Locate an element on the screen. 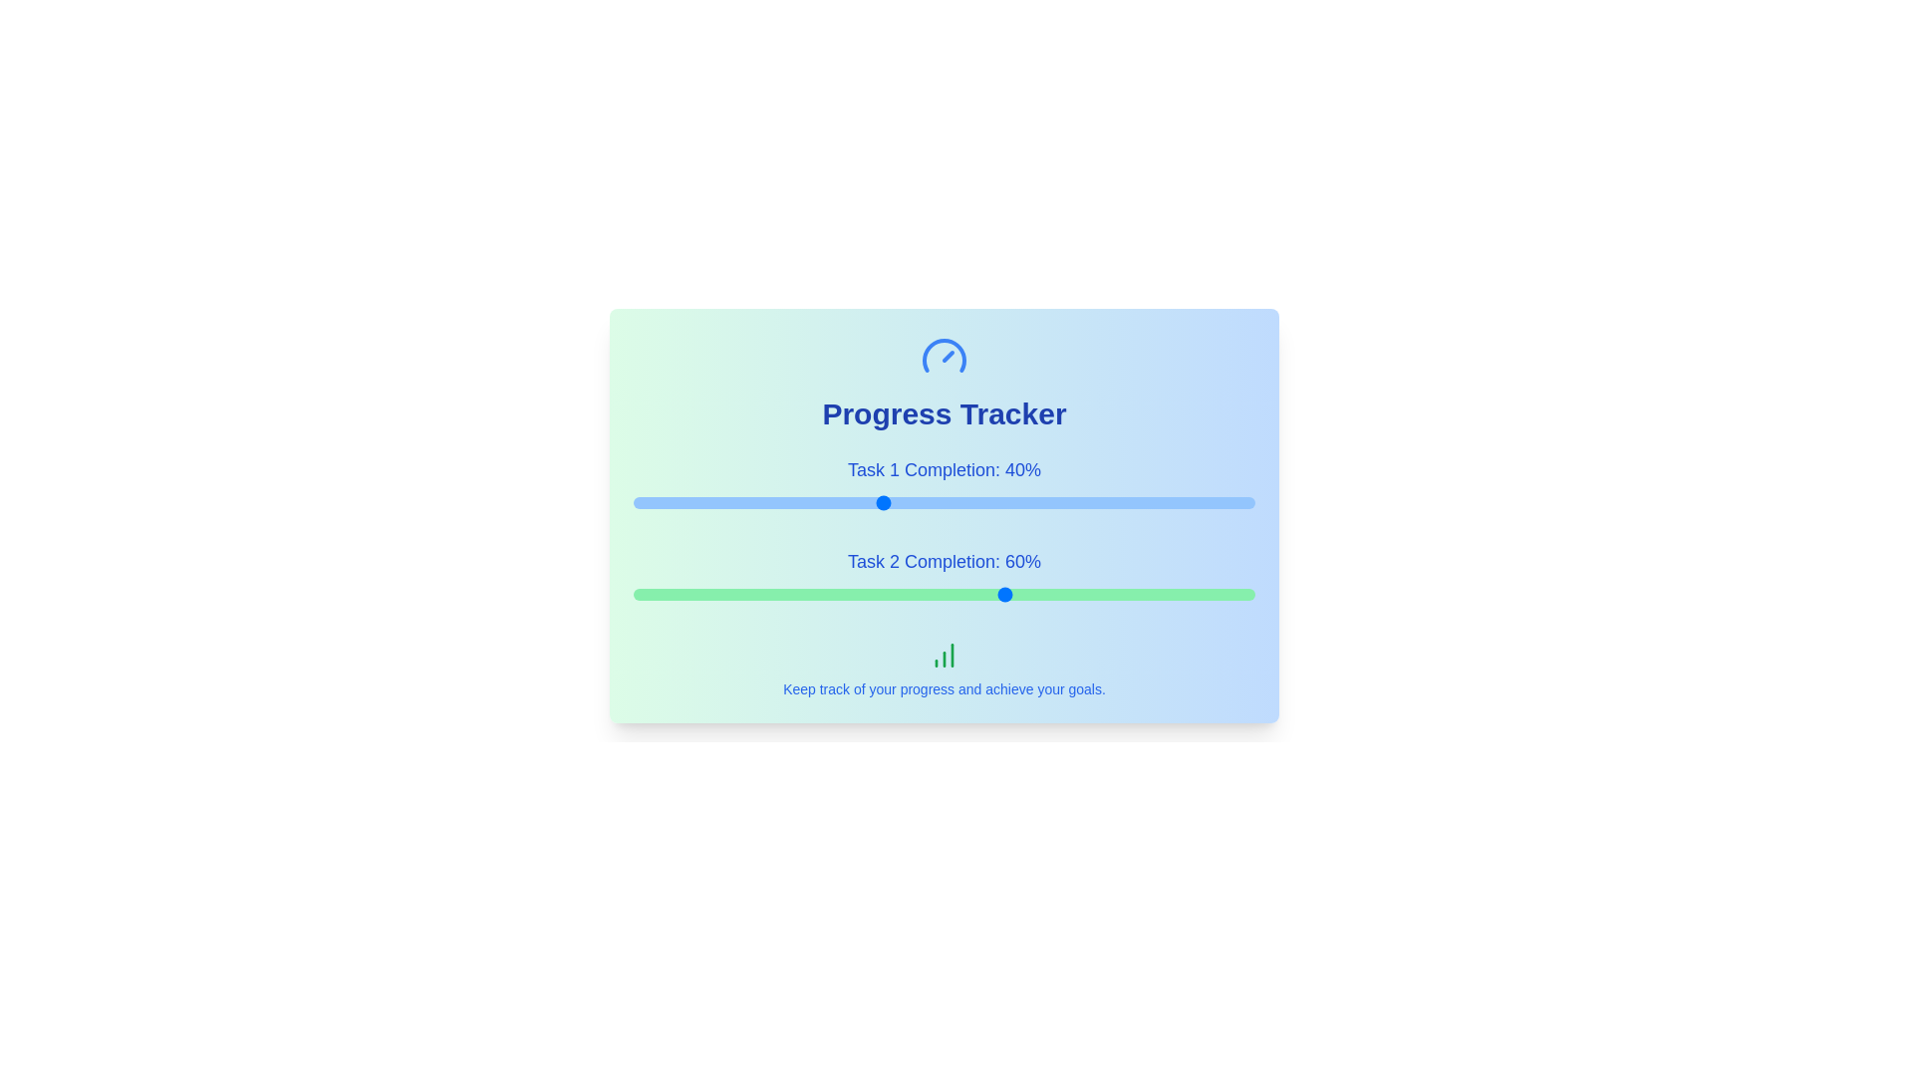 This screenshot has height=1076, width=1913. the Task 2 completion slider is located at coordinates (1198, 594).